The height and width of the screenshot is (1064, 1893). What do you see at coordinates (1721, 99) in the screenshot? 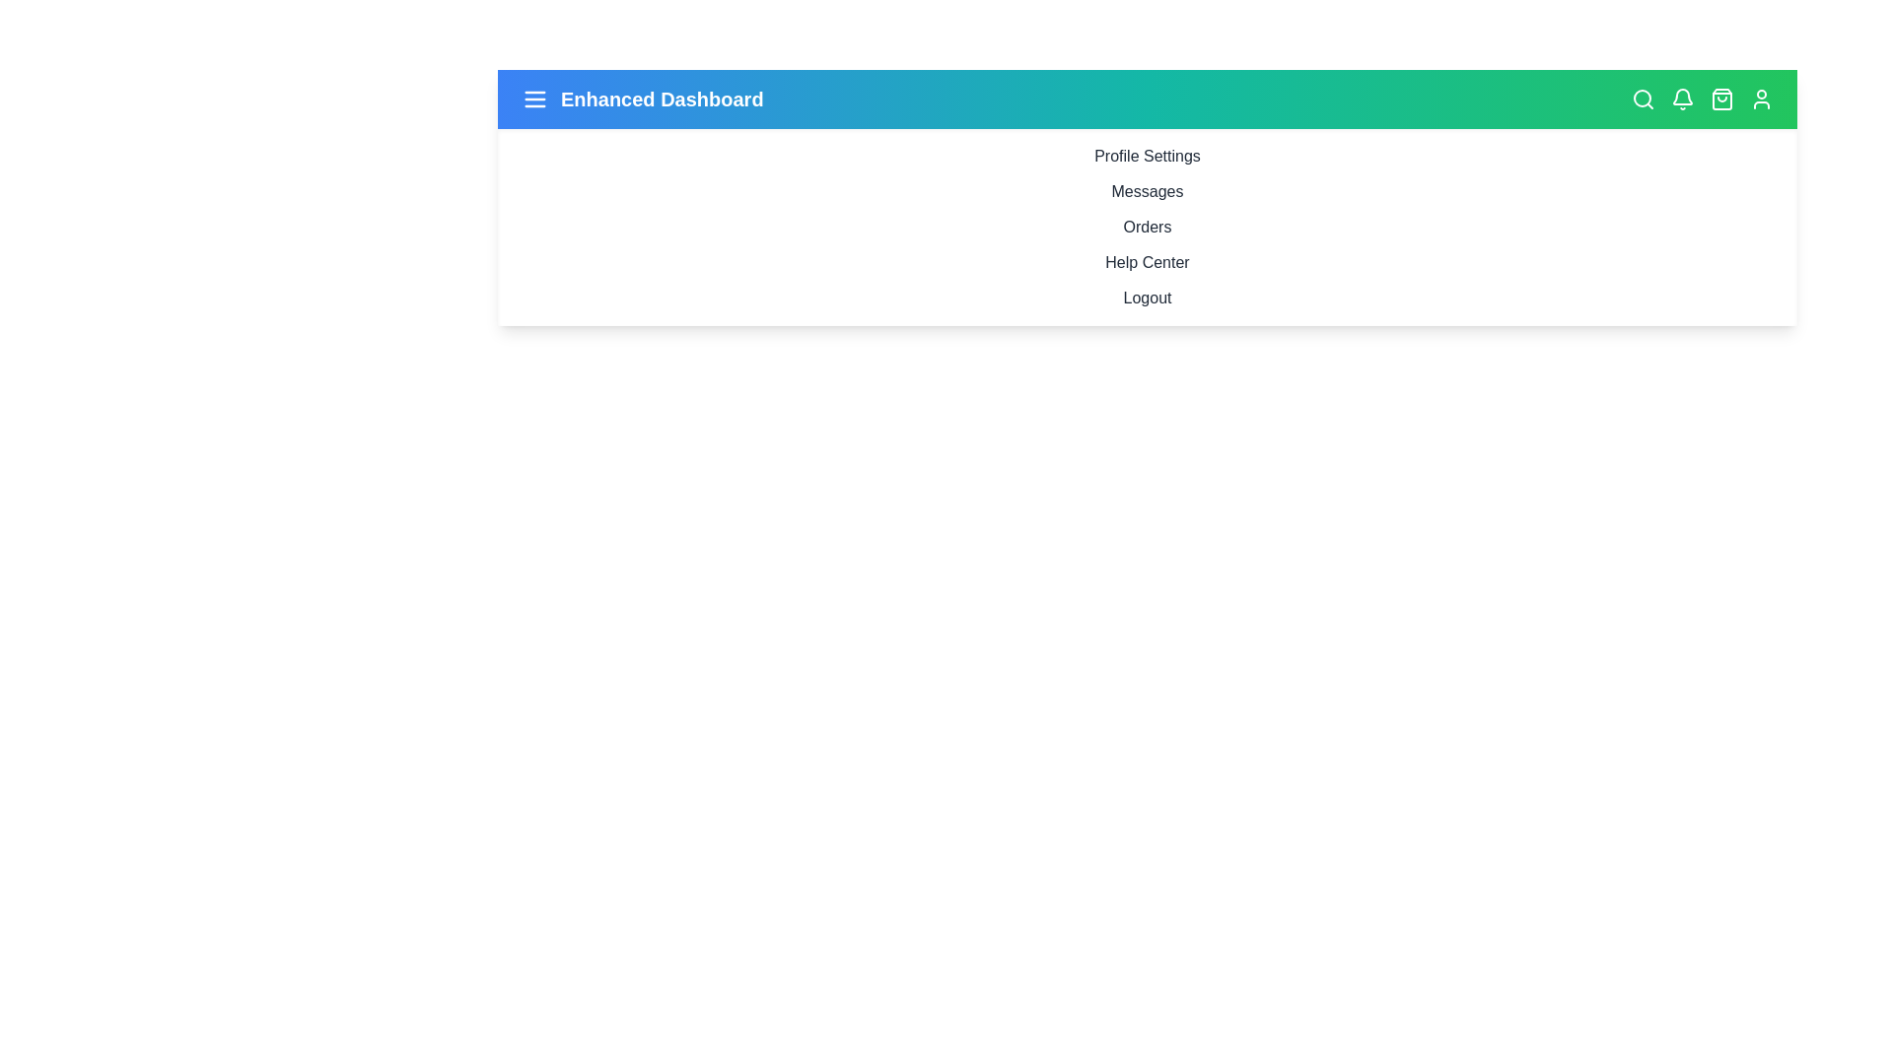
I see `the shopping_bag icon to display its tooltip or visual feedback` at bounding box center [1721, 99].